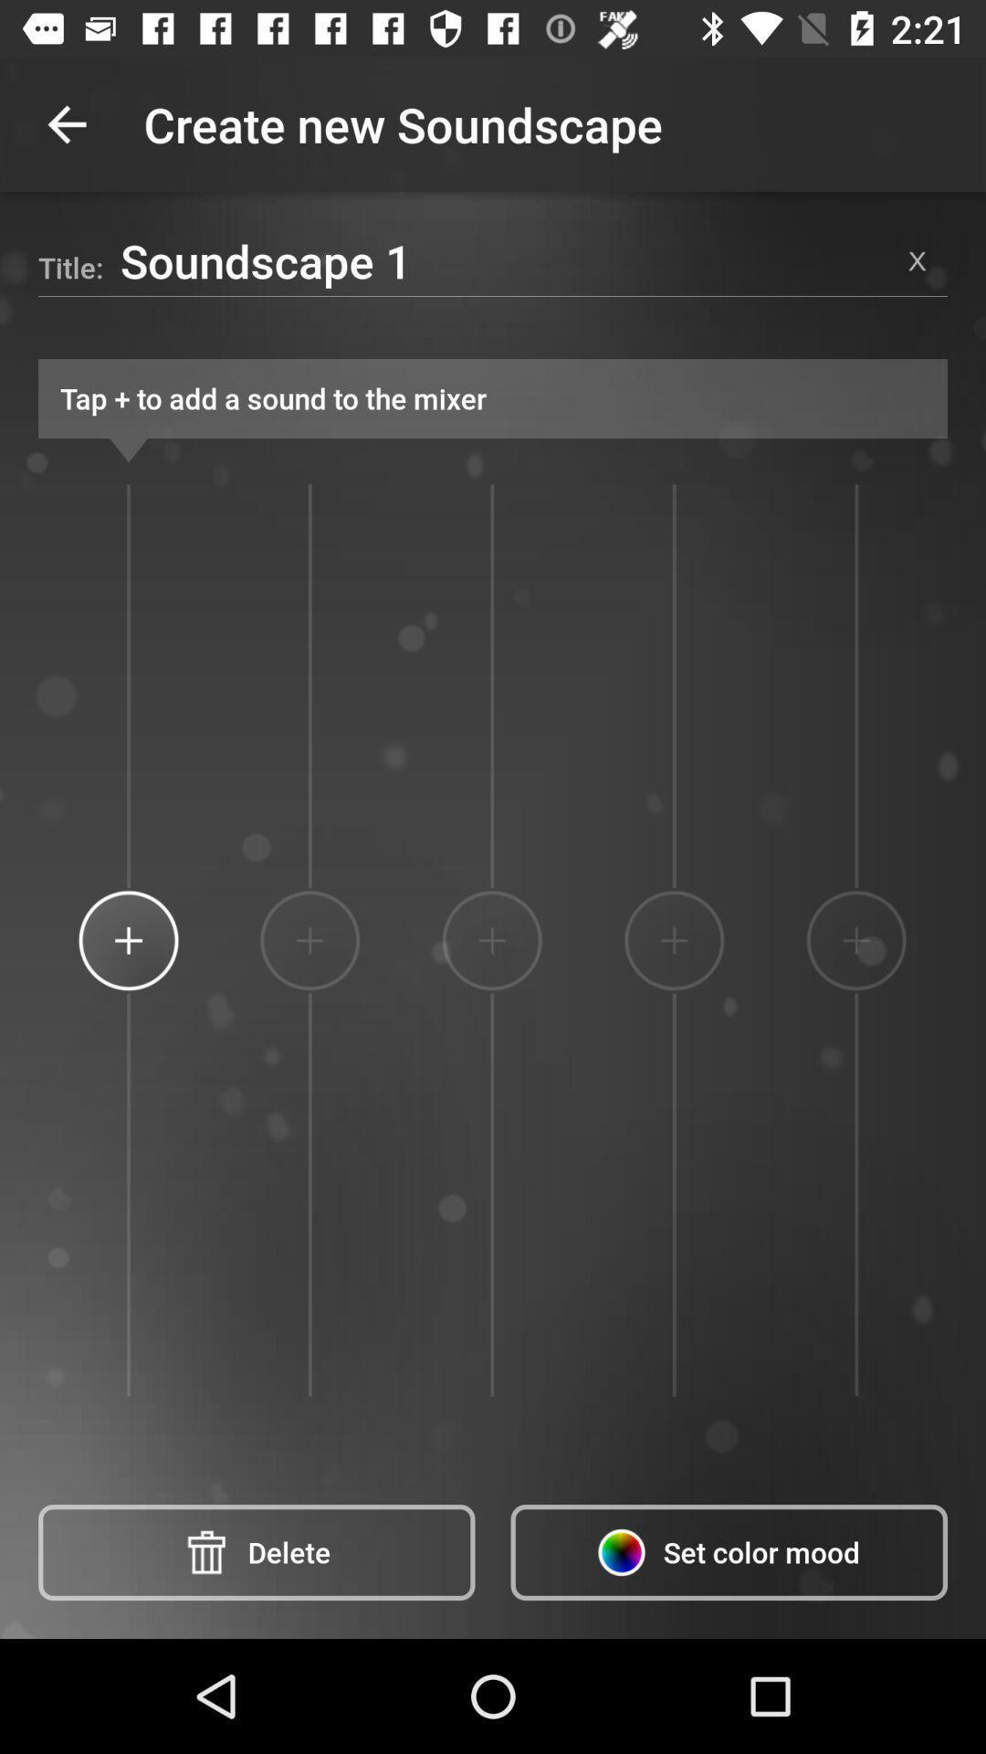 This screenshot has width=986, height=1754. What do you see at coordinates (309, 940) in the screenshot?
I see `the item above the delete` at bounding box center [309, 940].